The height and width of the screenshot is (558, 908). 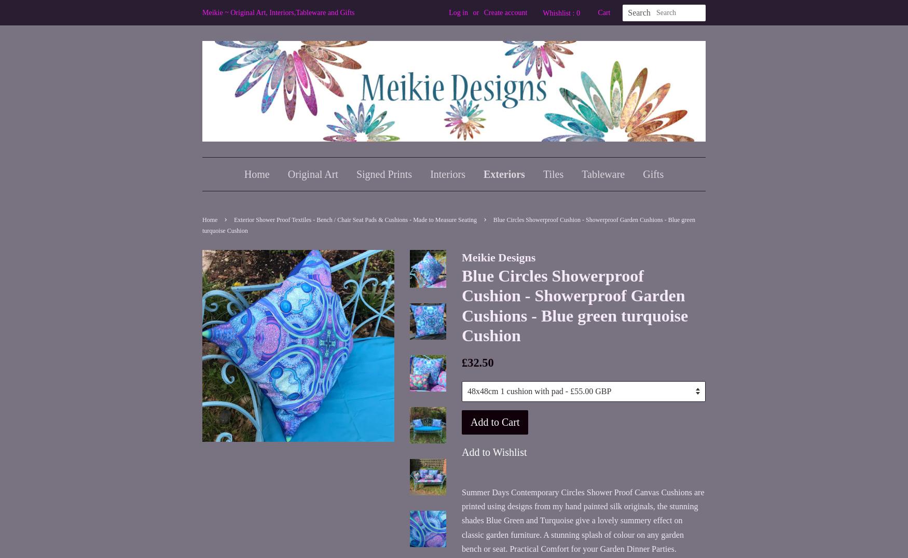 What do you see at coordinates (312, 174) in the screenshot?
I see `'Original Art'` at bounding box center [312, 174].